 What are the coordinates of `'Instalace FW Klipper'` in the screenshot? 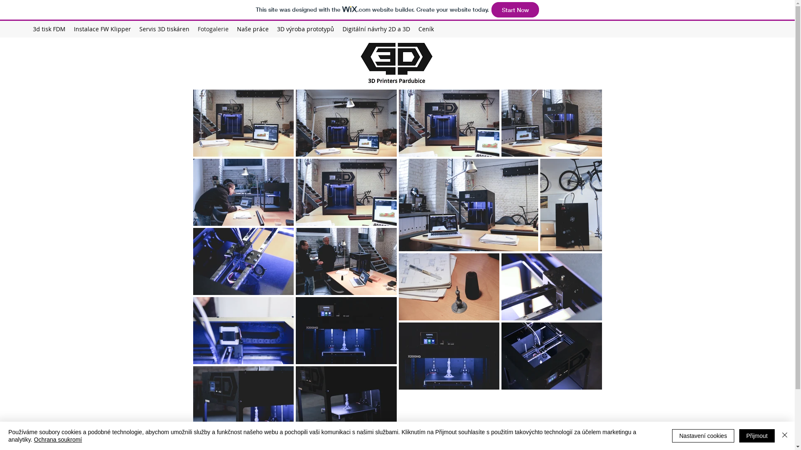 It's located at (102, 28).